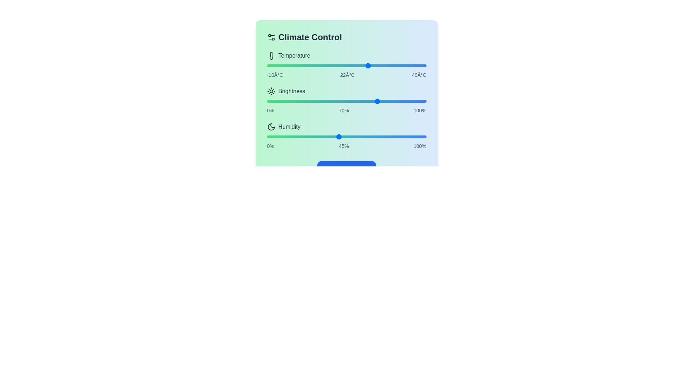 The height and width of the screenshot is (384, 683). What do you see at coordinates (391, 101) in the screenshot?
I see `the brightness level` at bounding box center [391, 101].